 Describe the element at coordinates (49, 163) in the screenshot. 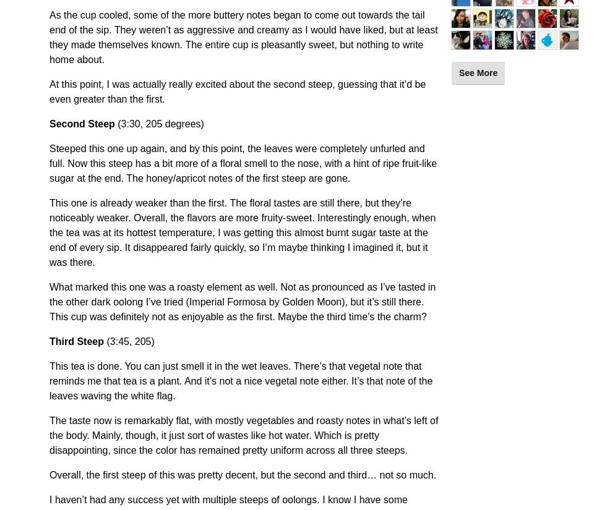

I see `'Steeped this one up again, and by this point, the leaves were completely unfurled and full. Now this steep has a bit more of a floral smell to the nose, with a hint of ripe fruit-like sugar at the end. The honey/apricot notes of the first steep are gone.'` at that location.